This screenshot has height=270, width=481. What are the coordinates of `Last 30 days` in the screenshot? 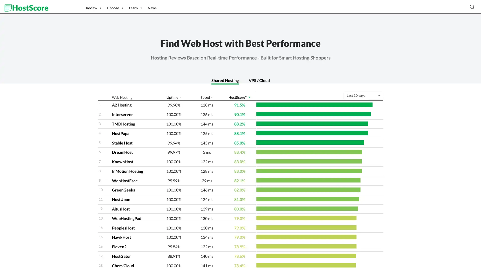 It's located at (363, 95).